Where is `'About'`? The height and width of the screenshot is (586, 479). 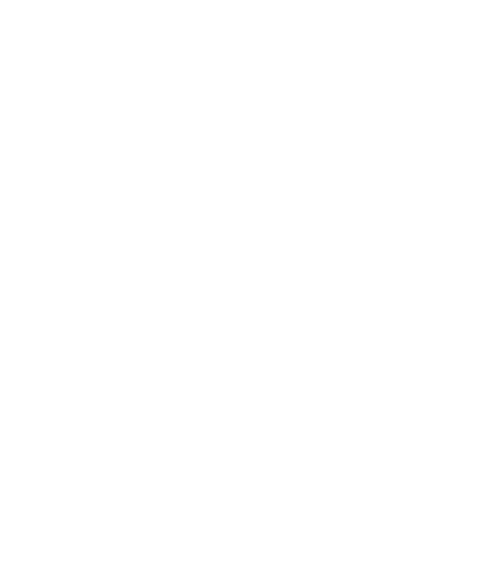
'About' is located at coordinates (61, 5).